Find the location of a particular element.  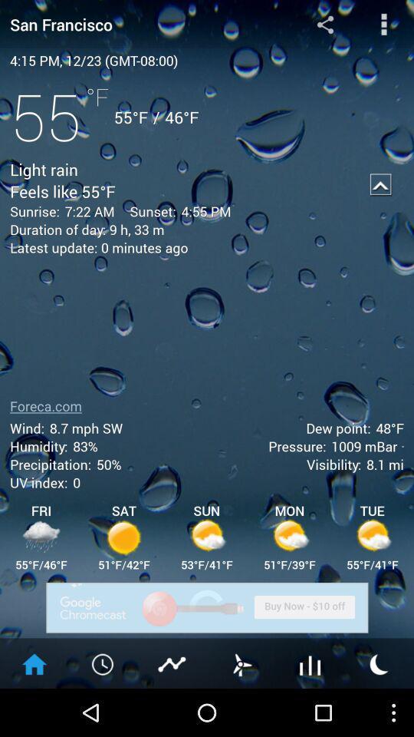

open hourly forecast is located at coordinates (103, 663).